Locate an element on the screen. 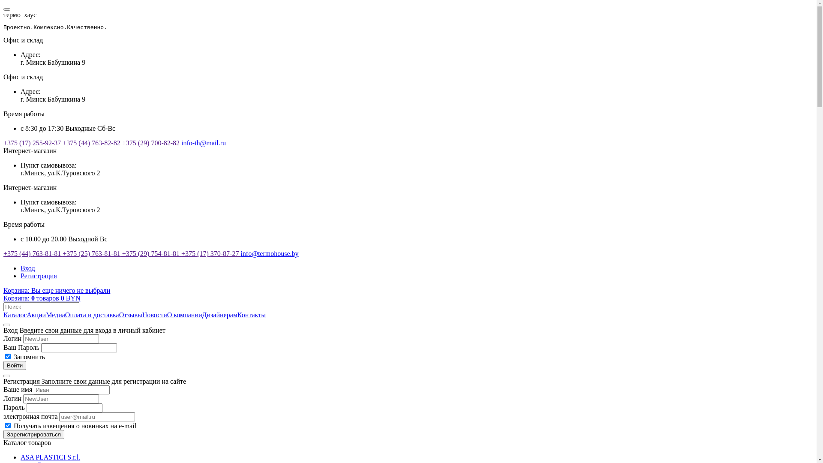  '+375 (44) 763-81-81' is located at coordinates (33, 253).